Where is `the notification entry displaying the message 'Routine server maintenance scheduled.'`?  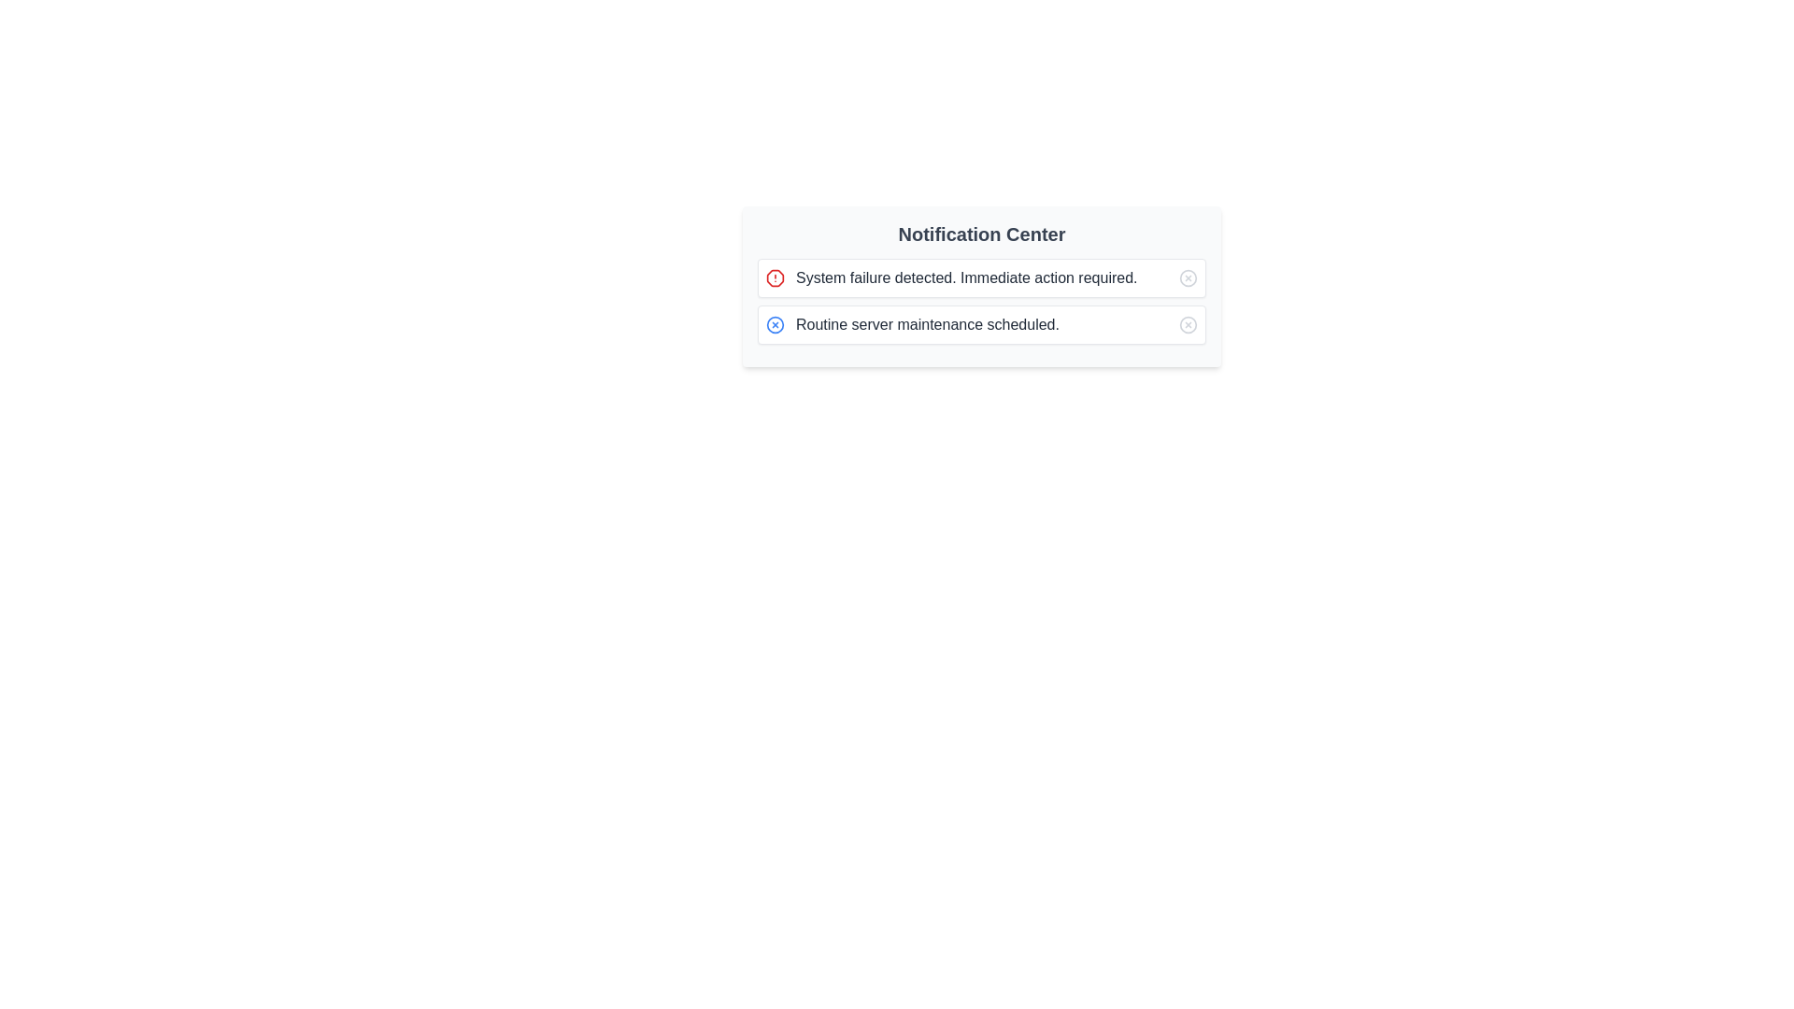 the notification entry displaying the message 'Routine server maintenance scheduled.' is located at coordinates (912, 323).